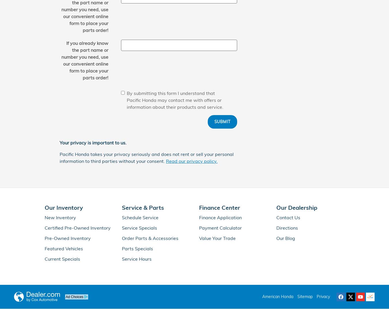  I want to click on 'Pre-Owned Inventory', so click(67, 238).